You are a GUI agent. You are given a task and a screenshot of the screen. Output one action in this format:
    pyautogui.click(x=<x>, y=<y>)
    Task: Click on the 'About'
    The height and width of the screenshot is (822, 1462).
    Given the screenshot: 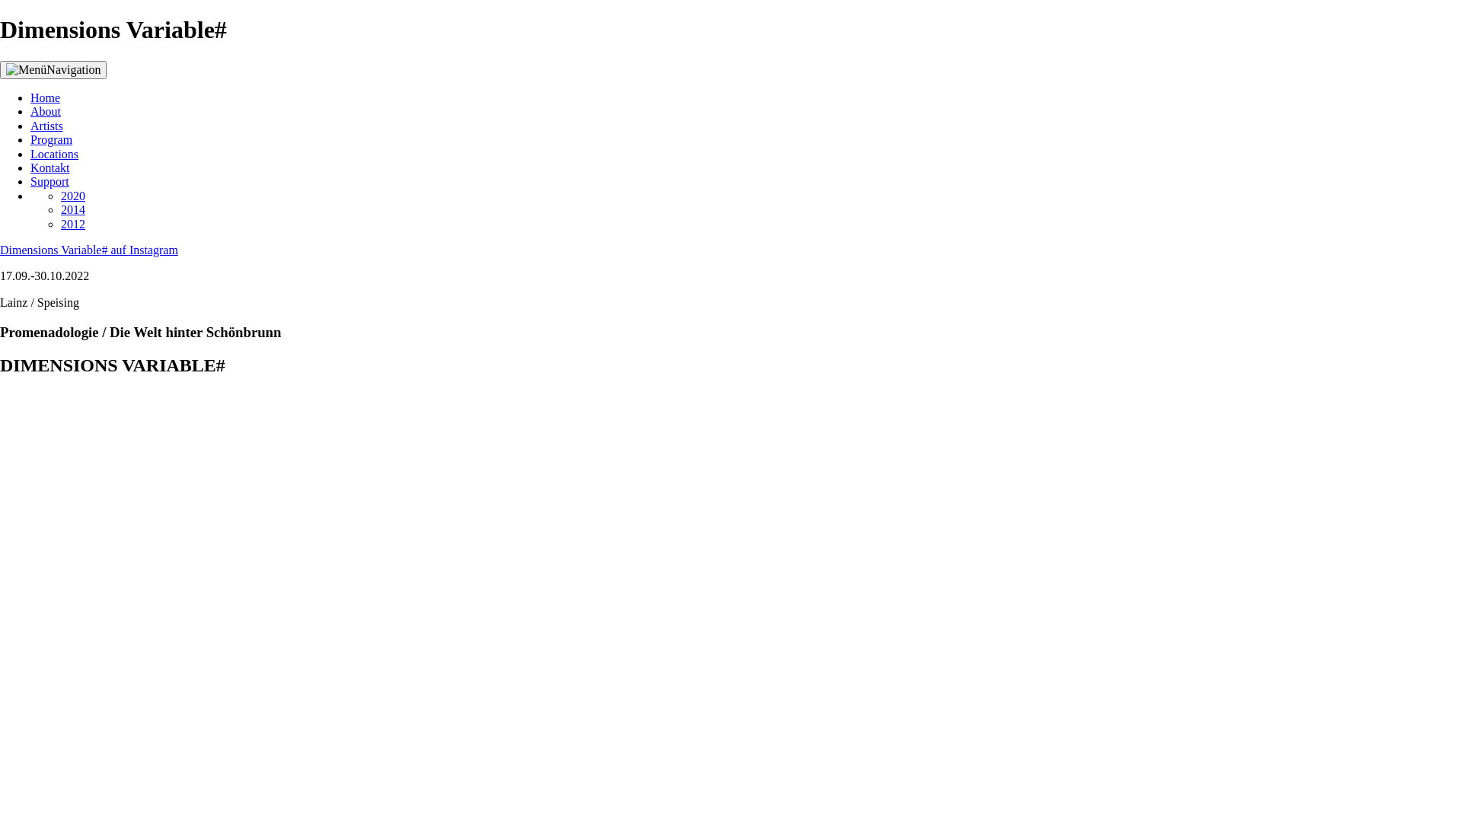 What is the action you would take?
    pyautogui.click(x=45, y=110)
    